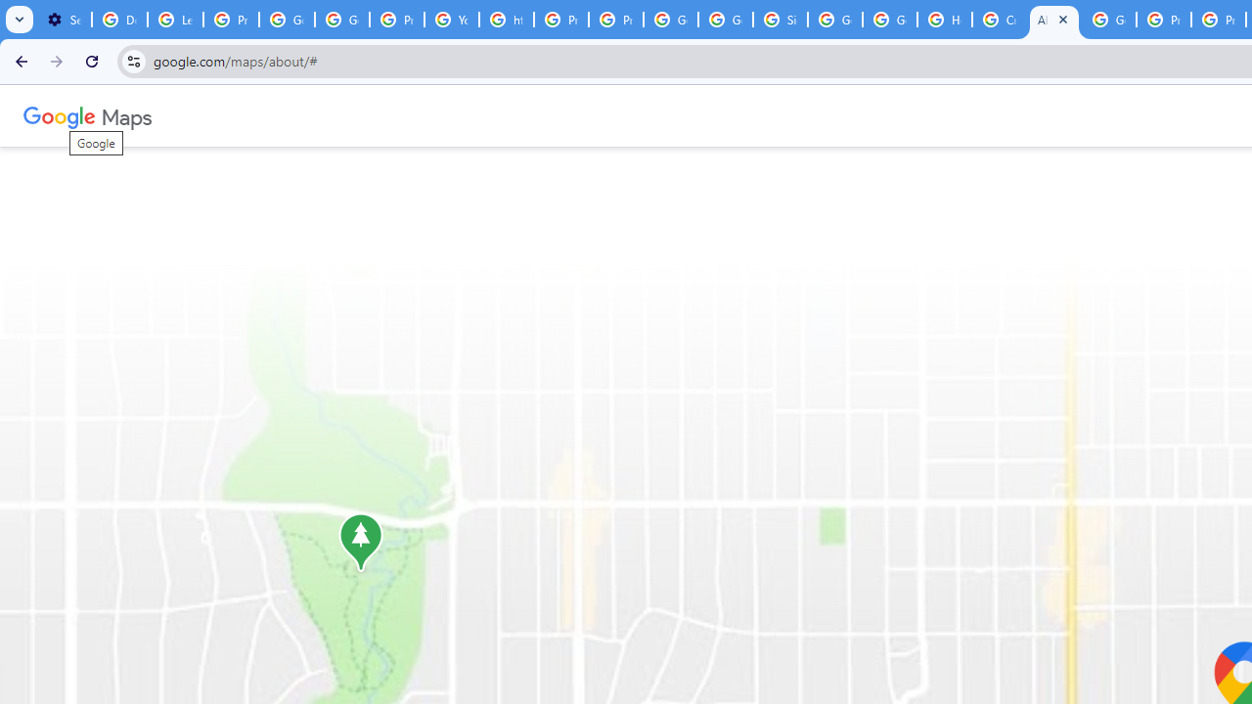 This screenshot has width=1252, height=704. Describe the element at coordinates (60, 115) in the screenshot. I see `'Google'` at that location.